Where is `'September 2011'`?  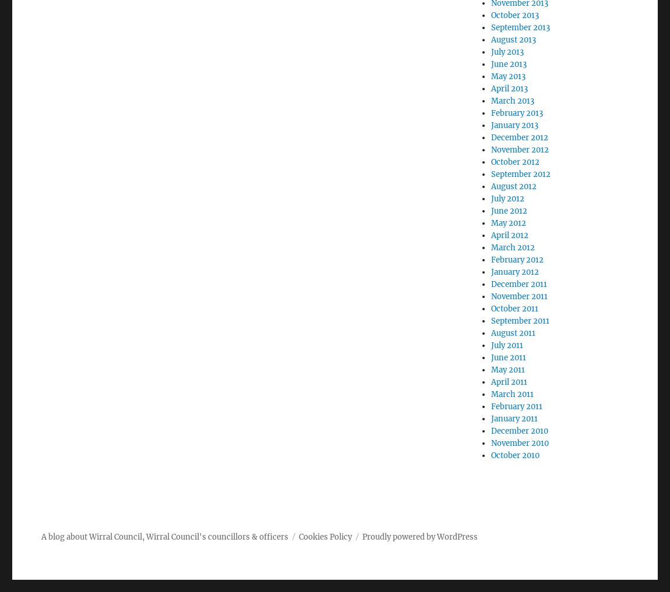 'September 2011' is located at coordinates (490, 321).